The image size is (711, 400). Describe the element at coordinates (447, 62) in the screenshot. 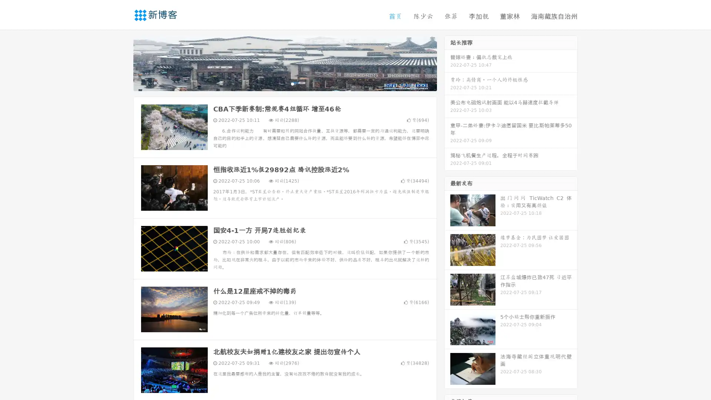

I see `Next slide` at that location.